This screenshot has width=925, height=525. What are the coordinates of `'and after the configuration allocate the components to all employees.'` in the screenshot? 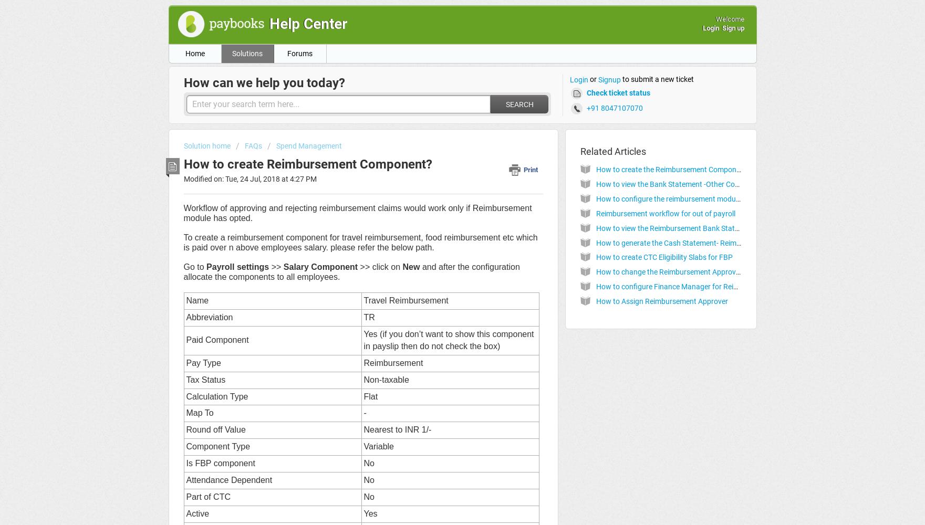 It's located at (351, 272).